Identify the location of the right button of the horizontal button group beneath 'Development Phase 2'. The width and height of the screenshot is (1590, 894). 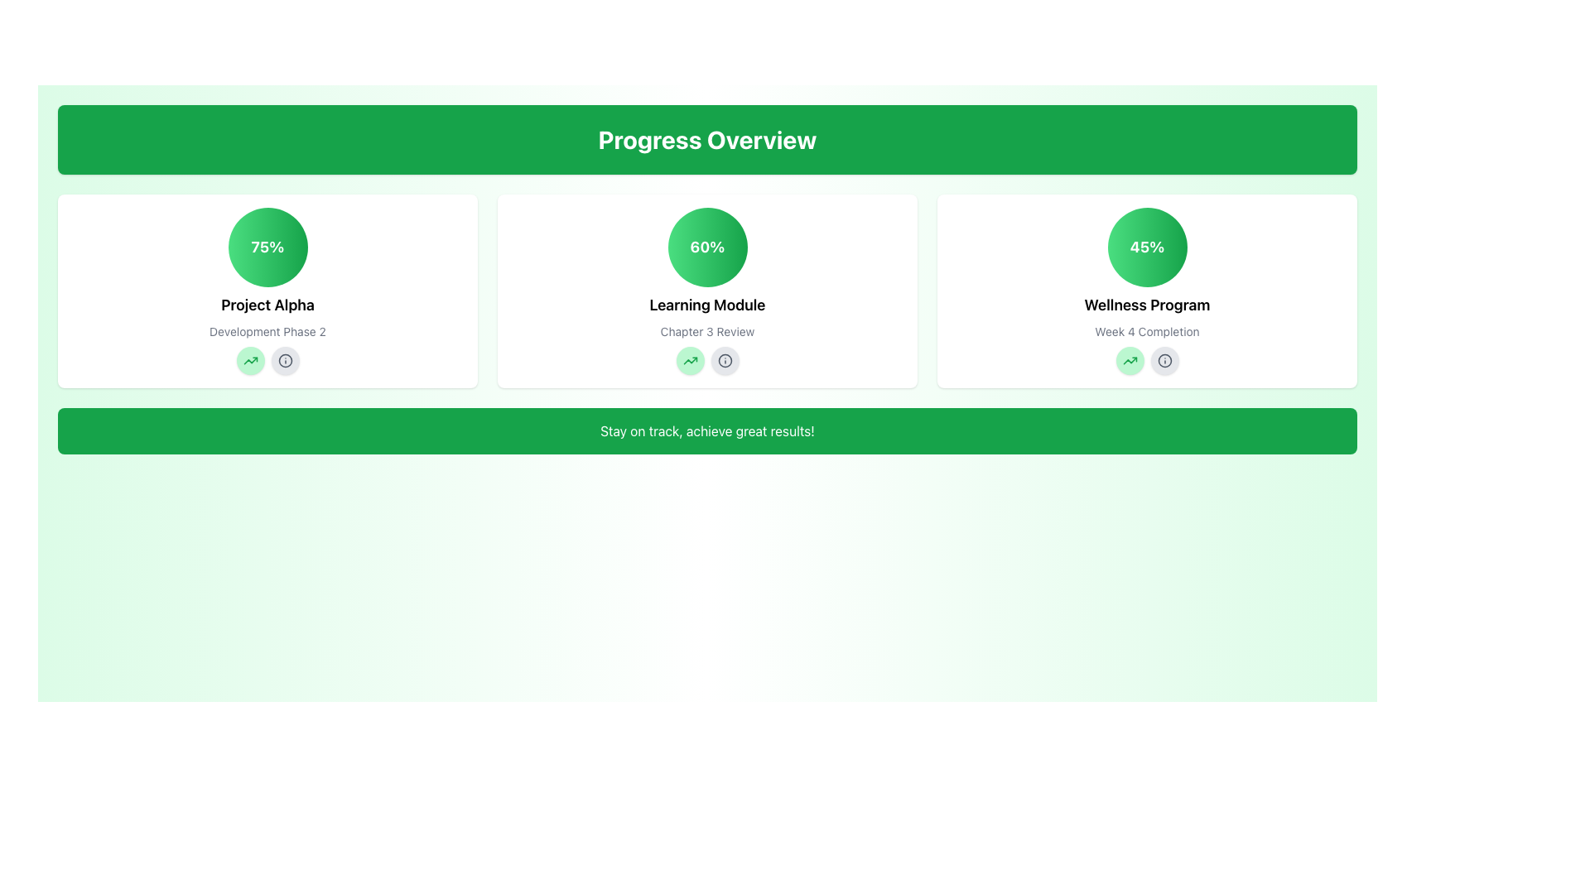
(267, 359).